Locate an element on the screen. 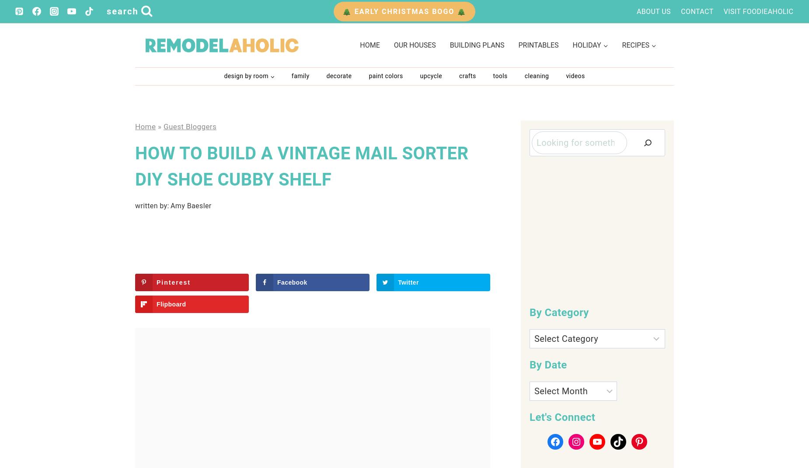 The image size is (809, 468). 'Building Plans' is located at coordinates (476, 45).